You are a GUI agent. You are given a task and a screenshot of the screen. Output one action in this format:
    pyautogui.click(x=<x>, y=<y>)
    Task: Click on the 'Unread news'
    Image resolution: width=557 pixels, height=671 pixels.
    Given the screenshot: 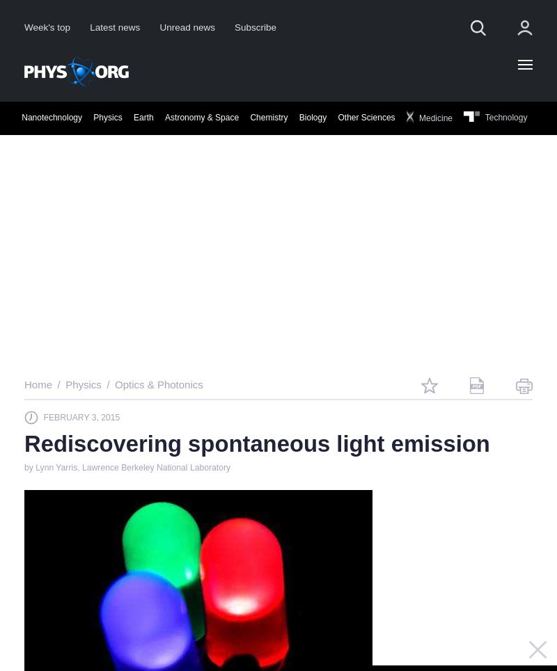 What is the action you would take?
    pyautogui.click(x=187, y=26)
    